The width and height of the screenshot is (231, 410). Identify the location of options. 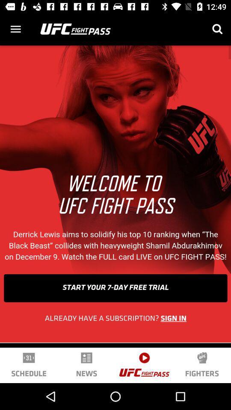
(15, 29).